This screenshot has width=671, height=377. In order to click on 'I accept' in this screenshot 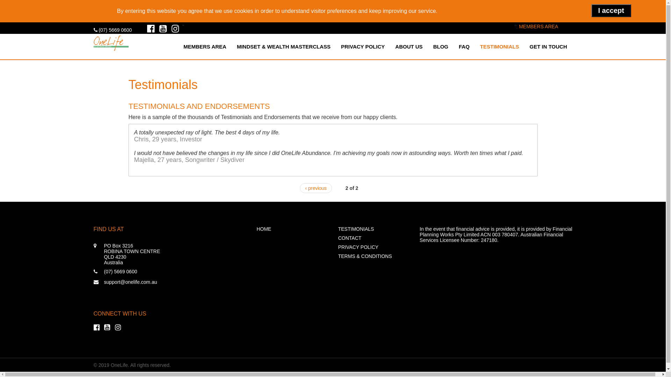, I will do `click(591, 10)`.